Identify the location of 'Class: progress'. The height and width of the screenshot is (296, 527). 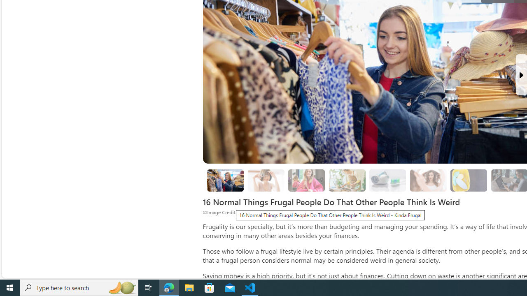
(469, 178).